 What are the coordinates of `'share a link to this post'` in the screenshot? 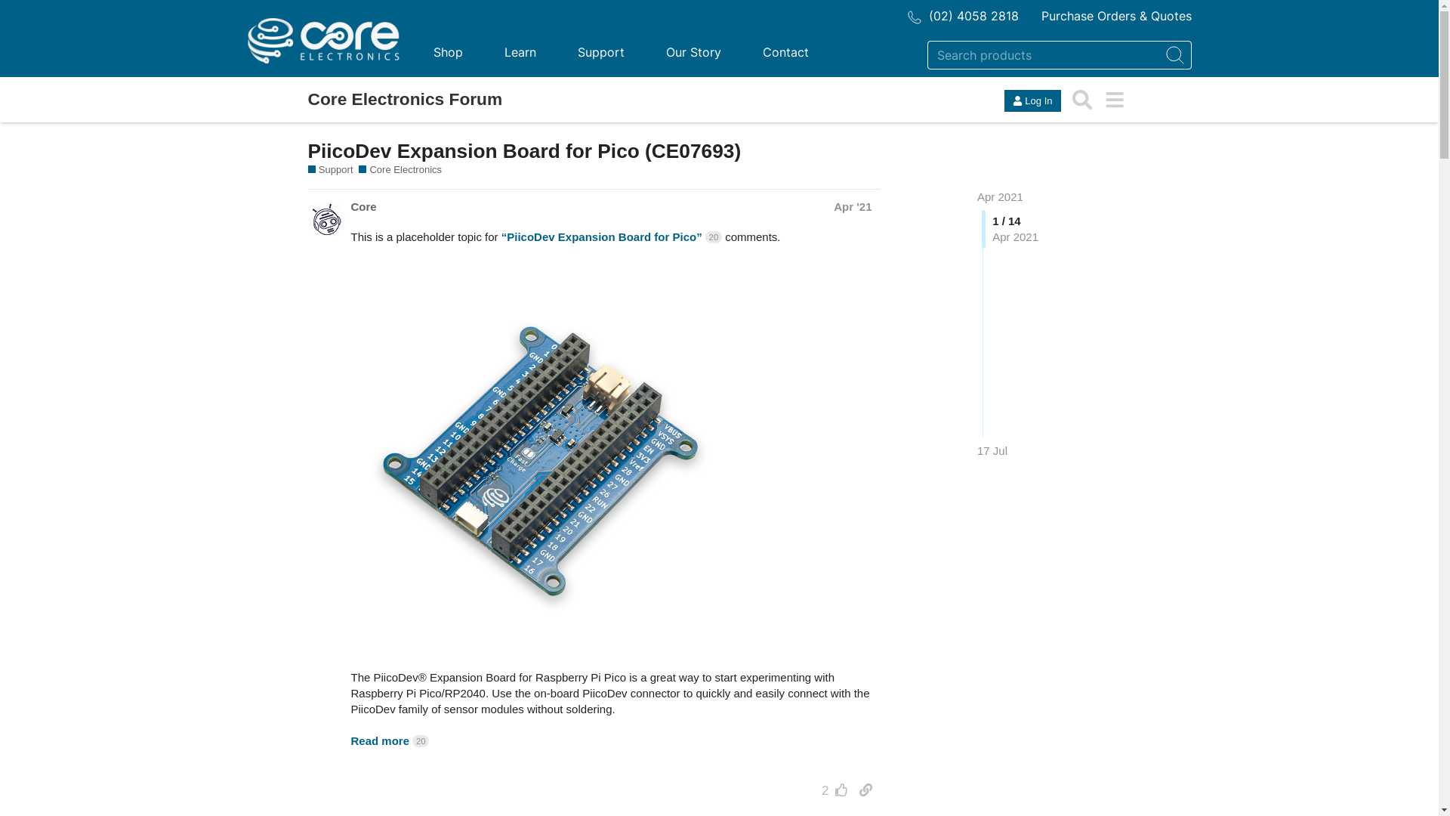 It's located at (865, 789).